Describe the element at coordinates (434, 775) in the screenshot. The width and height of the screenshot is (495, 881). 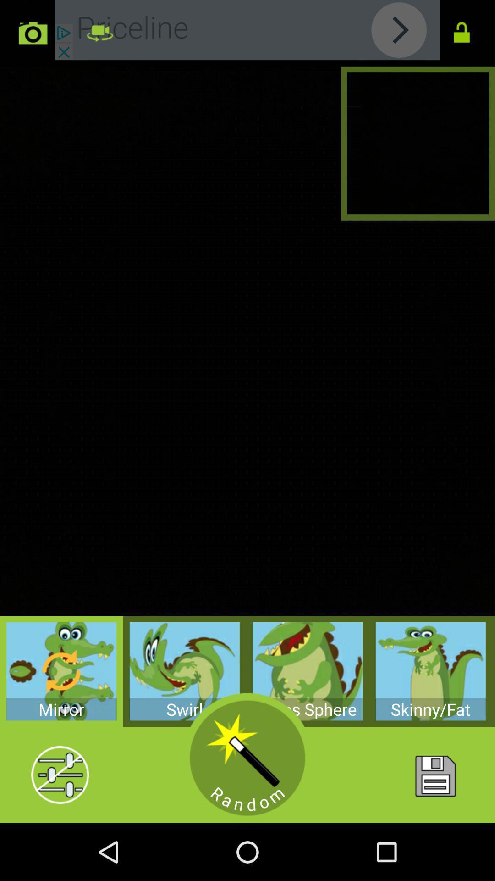
I see `home button` at that location.